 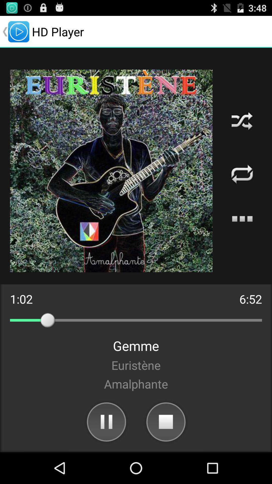 What do you see at coordinates (166, 421) in the screenshot?
I see `the item below the amalphante item` at bounding box center [166, 421].